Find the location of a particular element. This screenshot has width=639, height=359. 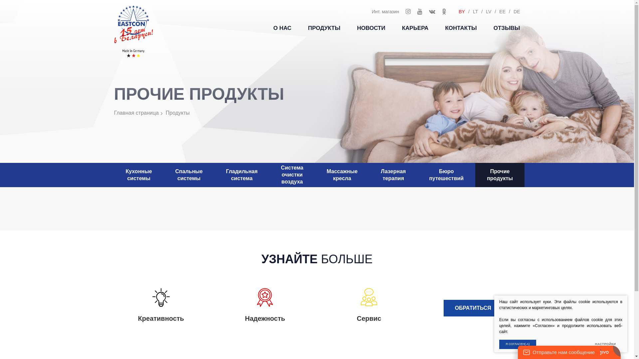

'LT' is located at coordinates (469, 12).